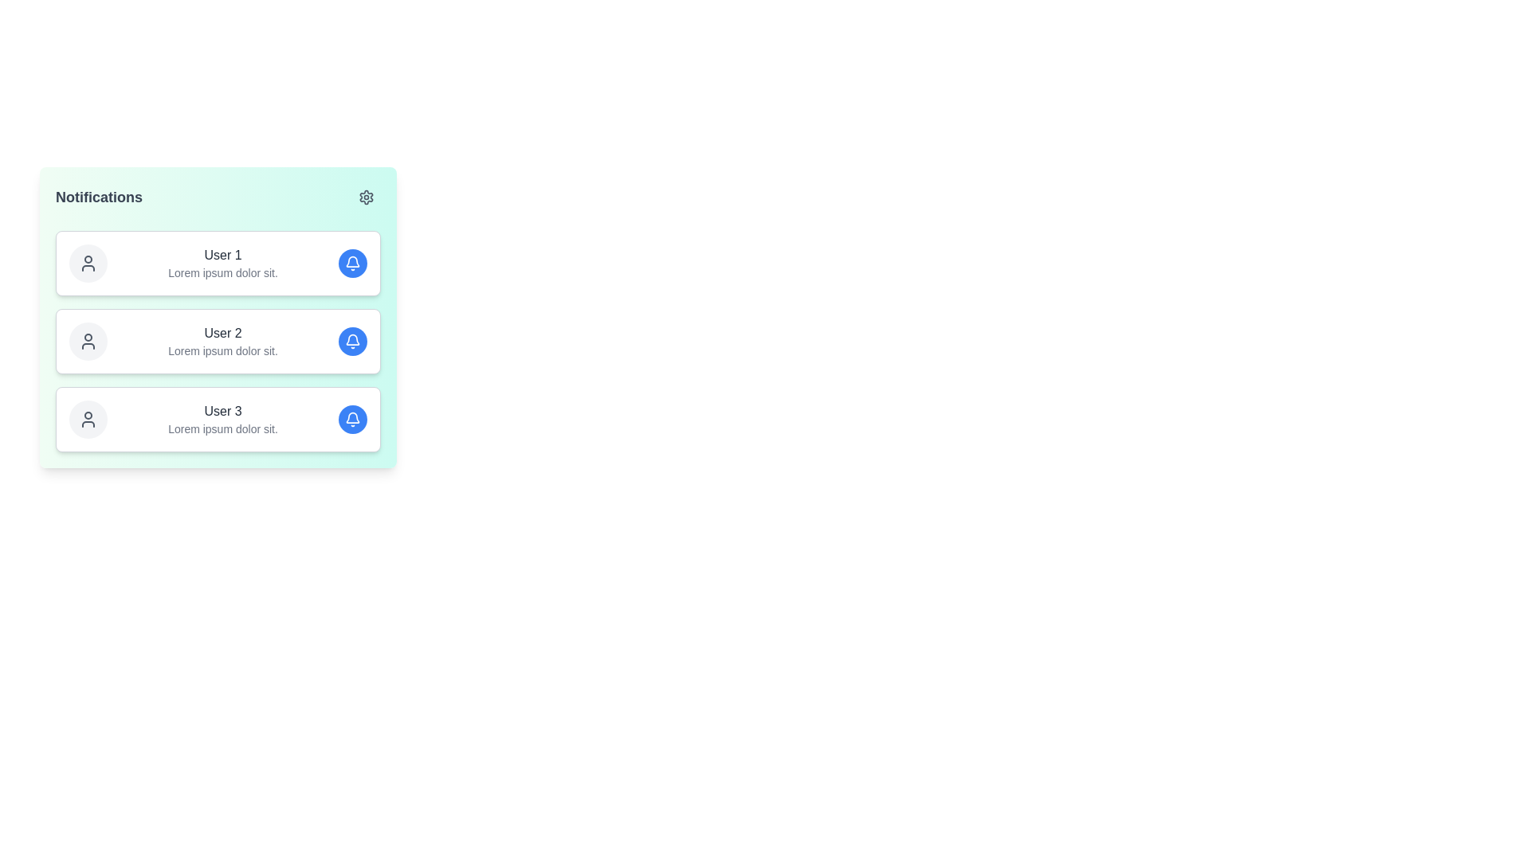 Image resolution: width=1530 pixels, height=860 pixels. Describe the element at coordinates (87, 263) in the screenshot. I see `the user silhouette icon, which is a circular icon with a gray background and a minimalist line art design, located in the leftmost section of the 'User 1' notification card` at that location.